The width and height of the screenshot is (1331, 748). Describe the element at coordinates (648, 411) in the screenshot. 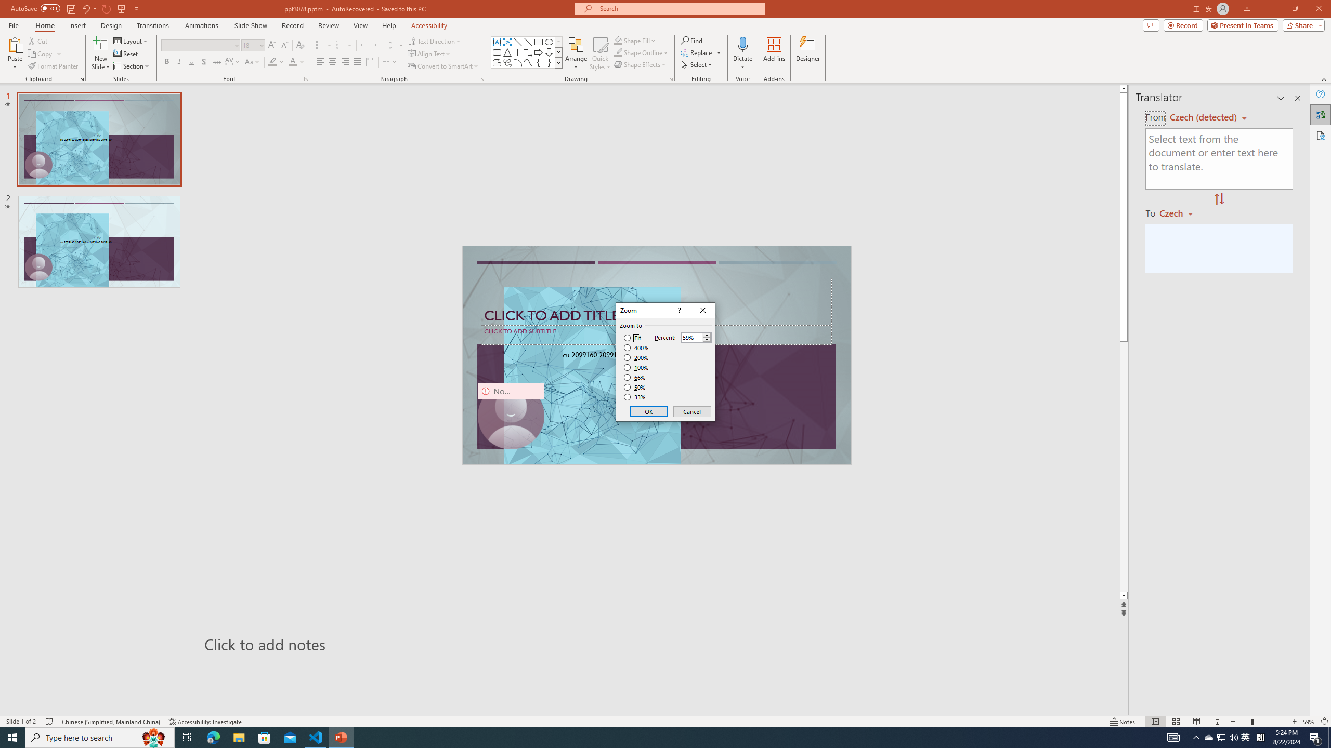

I see `'OK'` at that location.